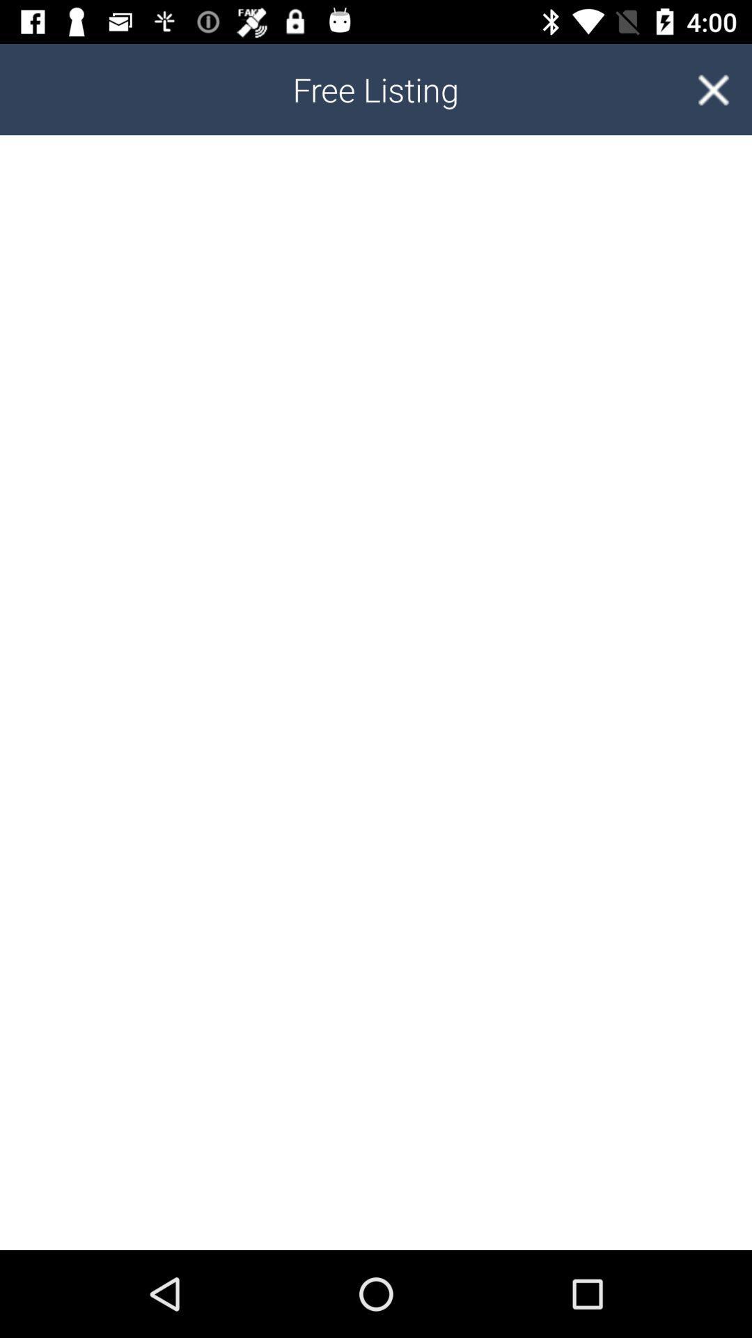 The image size is (752, 1338). What do you see at coordinates (376, 693) in the screenshot?
I see `the item at the center` at bounding box center [376, 693].